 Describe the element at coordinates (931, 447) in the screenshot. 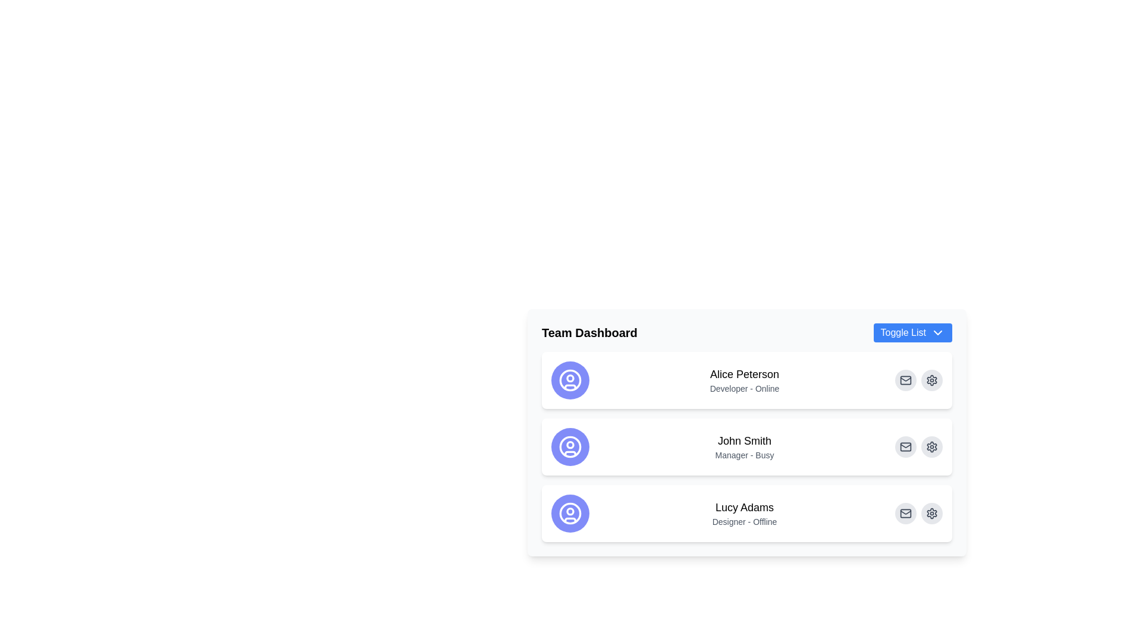

I see `the gear icon representing settings located in the third row, far right, adjacent to the email icon` at that location.